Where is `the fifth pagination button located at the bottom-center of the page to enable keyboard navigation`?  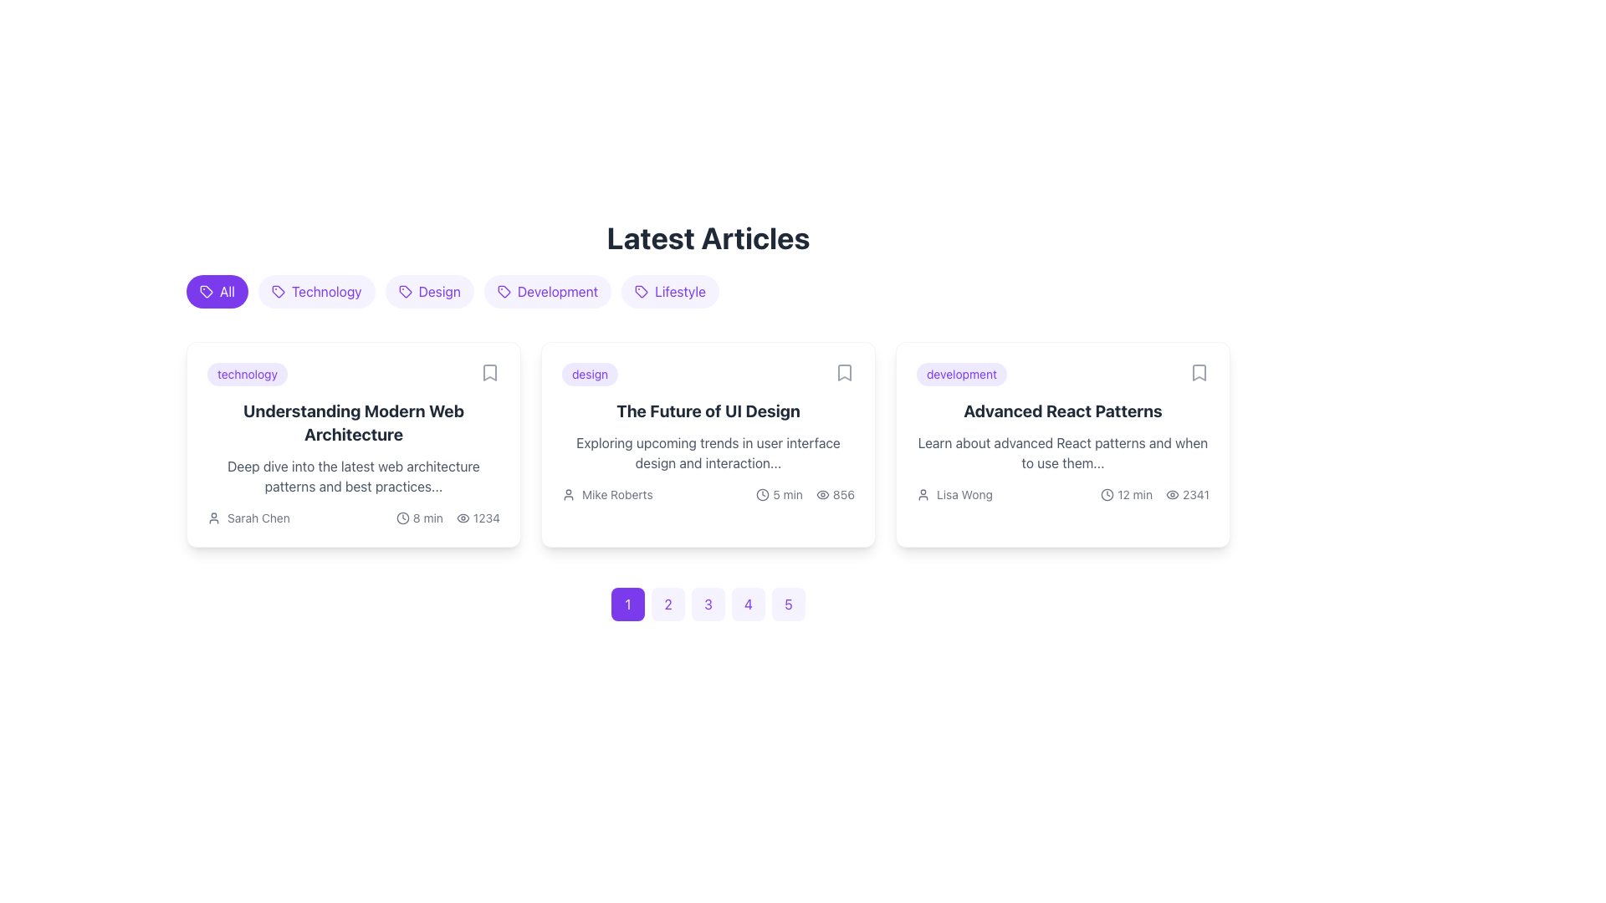
the fifth pagination button located at the bottom-center of the page to enable keyboard navigation is located at coordinates (787, 604).